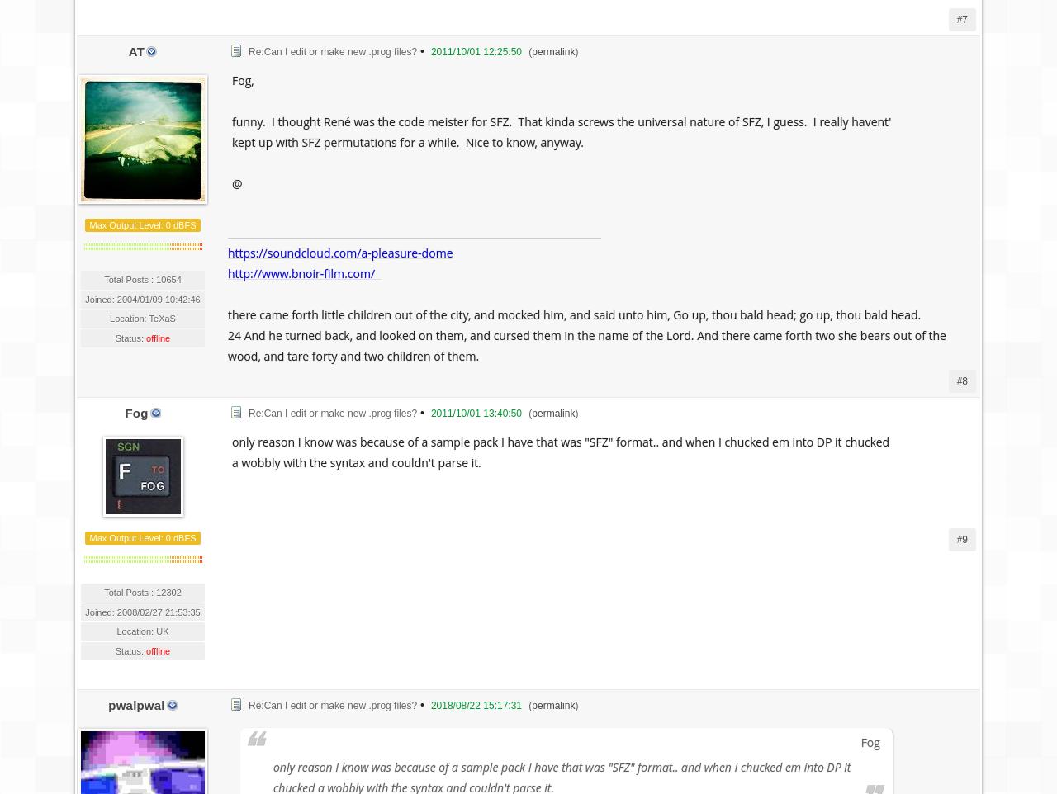 The width and height of the screenshot is (1057, 794). What do you see at coordinates (242, 79) in the screenshot?
I see `'Fog,'` at bounding box center [242, 79].